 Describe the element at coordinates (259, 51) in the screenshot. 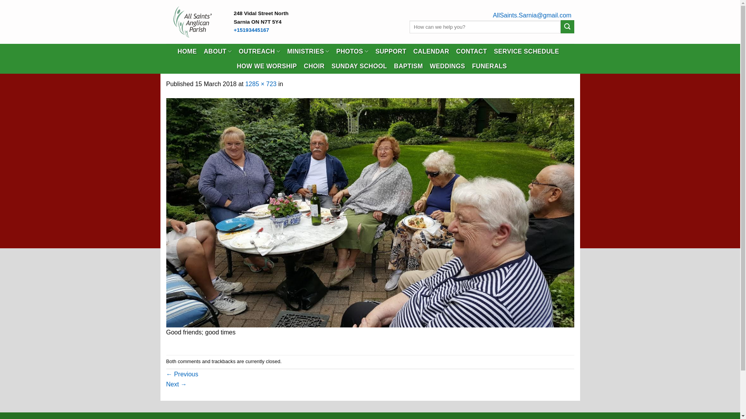

I see `'OUTREACH'` at that location.